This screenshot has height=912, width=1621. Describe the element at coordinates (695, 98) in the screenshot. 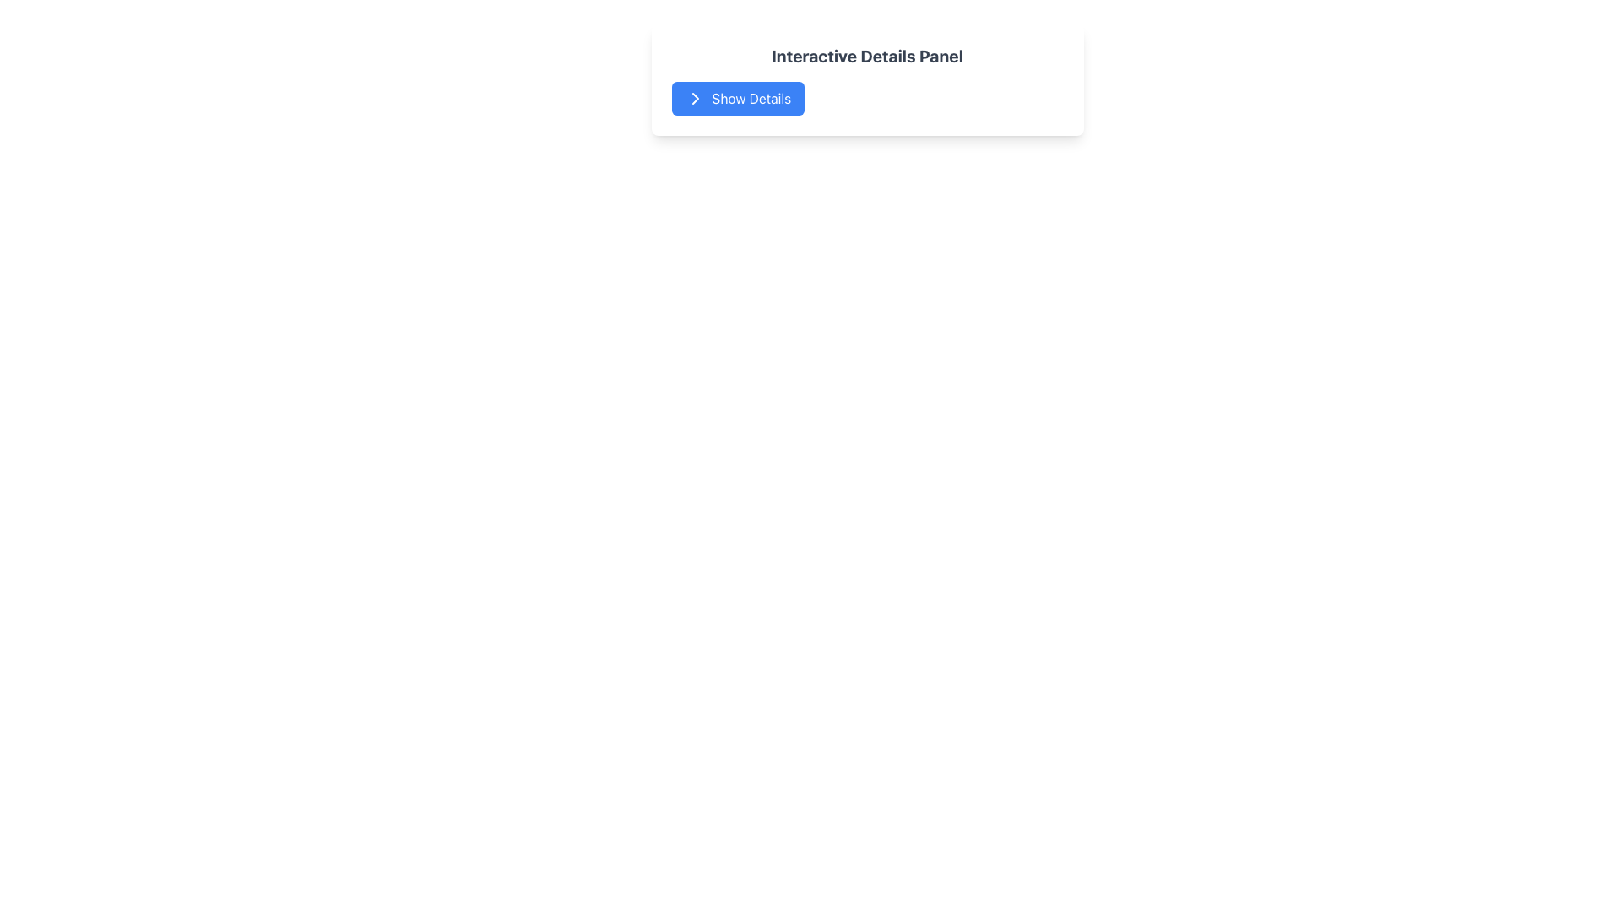

I see `the white chevron arrow icon located to the left of the 'Show Details' text within the blue button` at that location.